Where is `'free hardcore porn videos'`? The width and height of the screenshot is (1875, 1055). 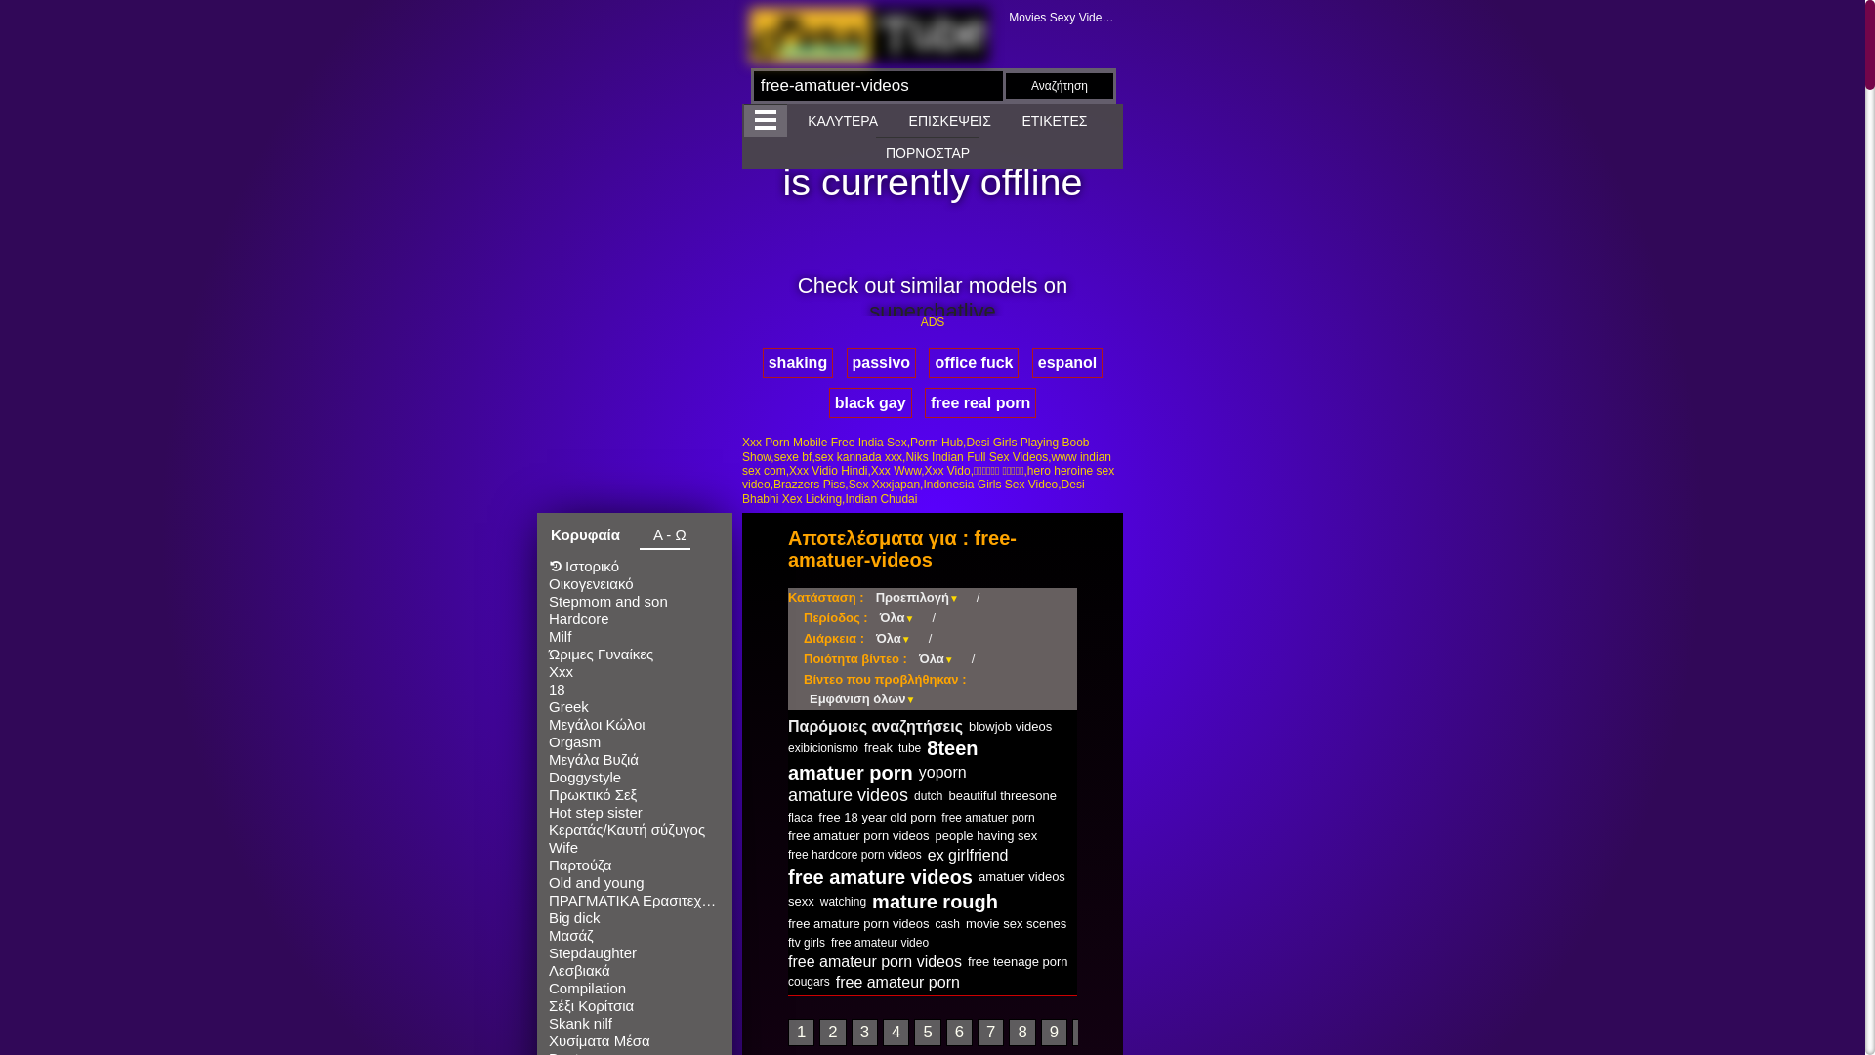
'free hardcore porn videos' is located at coordinates (854, 854).